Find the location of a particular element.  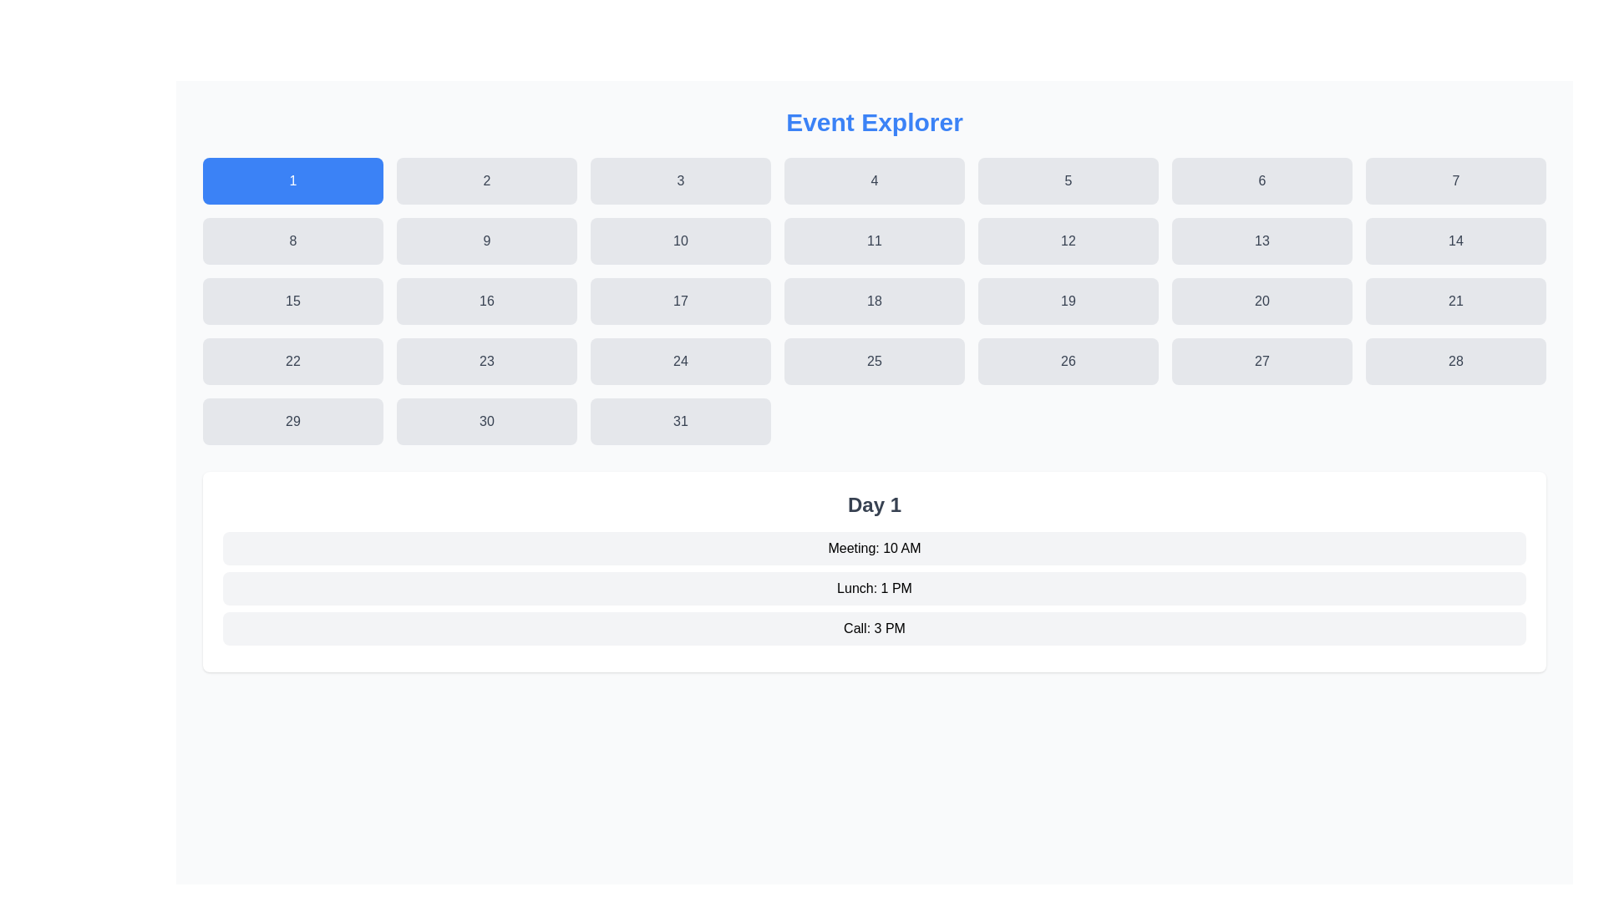

the button labeled '5', which is a rectangular button with soft, rounded edges and a light gray background is located at coordinates (1067, 180).